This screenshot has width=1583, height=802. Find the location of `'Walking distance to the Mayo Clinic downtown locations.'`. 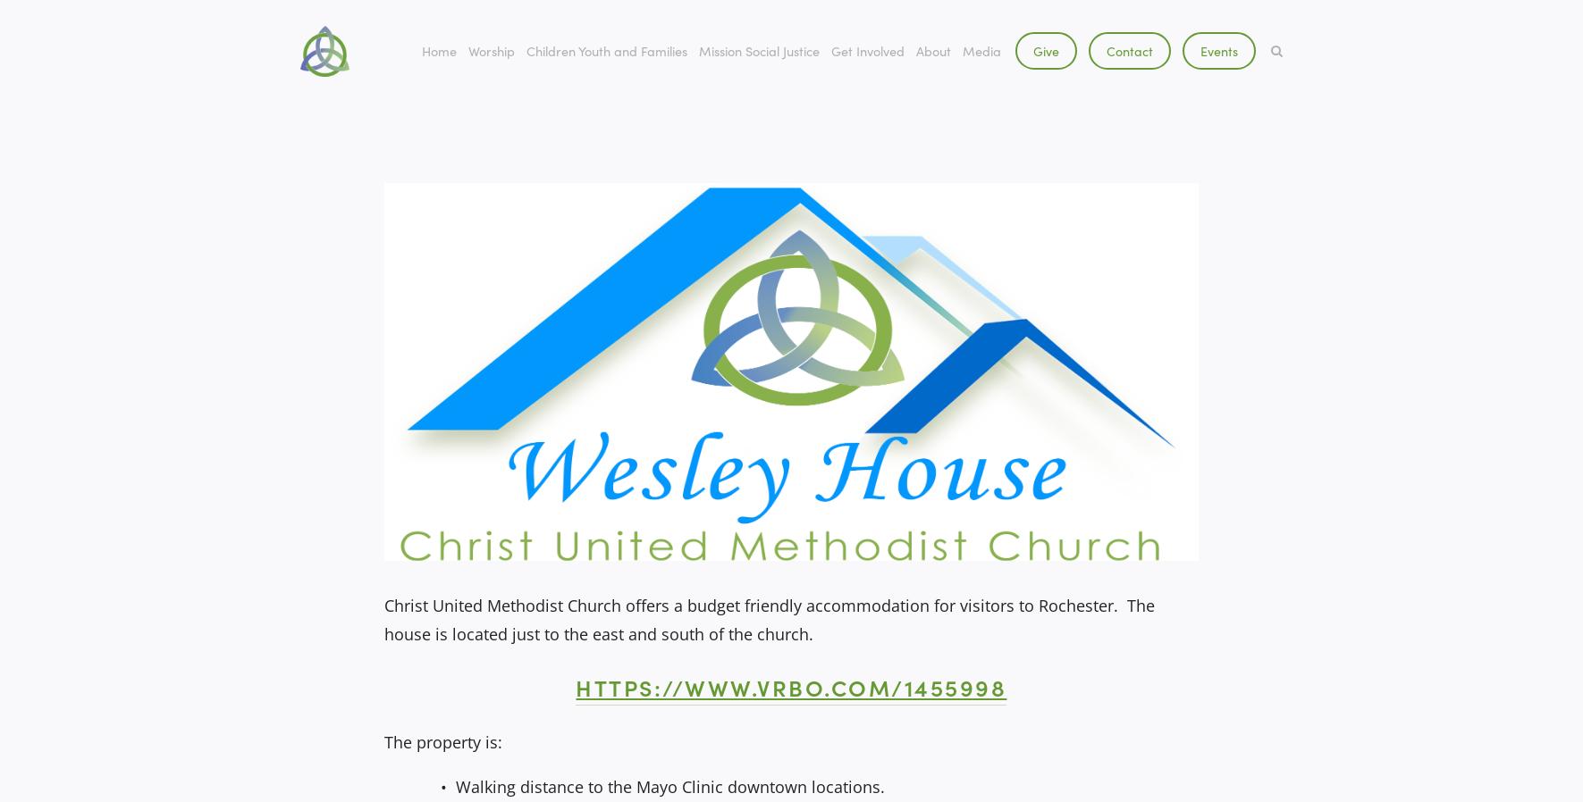

'Walking distance to the Mayo Clinic downtown locations.' is located at coordinates (669, 787).